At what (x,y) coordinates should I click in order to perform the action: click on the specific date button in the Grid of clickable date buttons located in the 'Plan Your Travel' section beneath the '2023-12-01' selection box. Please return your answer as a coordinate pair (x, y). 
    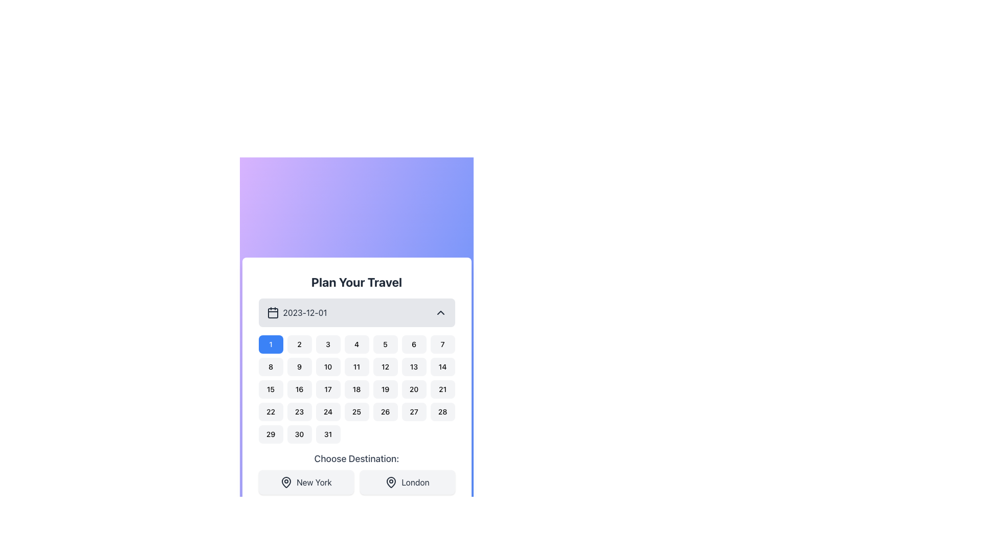
    Looking at the image, I should click on (356, 371).